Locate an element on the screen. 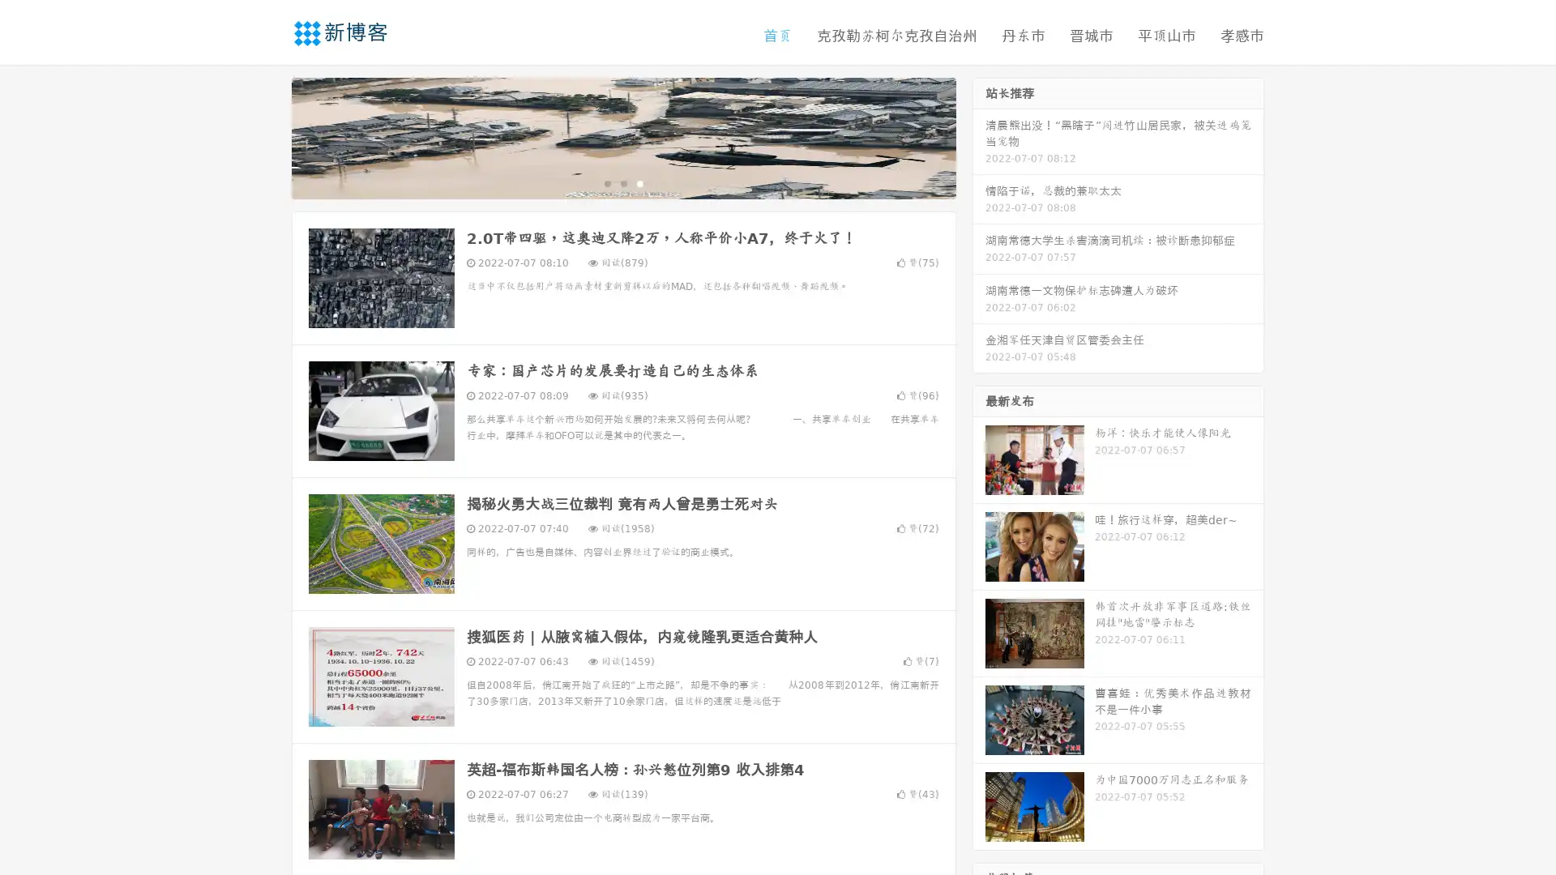 The width and height of the screenshot is (1556, 875). Go to slide 1 is located at coordinates (606, 182).